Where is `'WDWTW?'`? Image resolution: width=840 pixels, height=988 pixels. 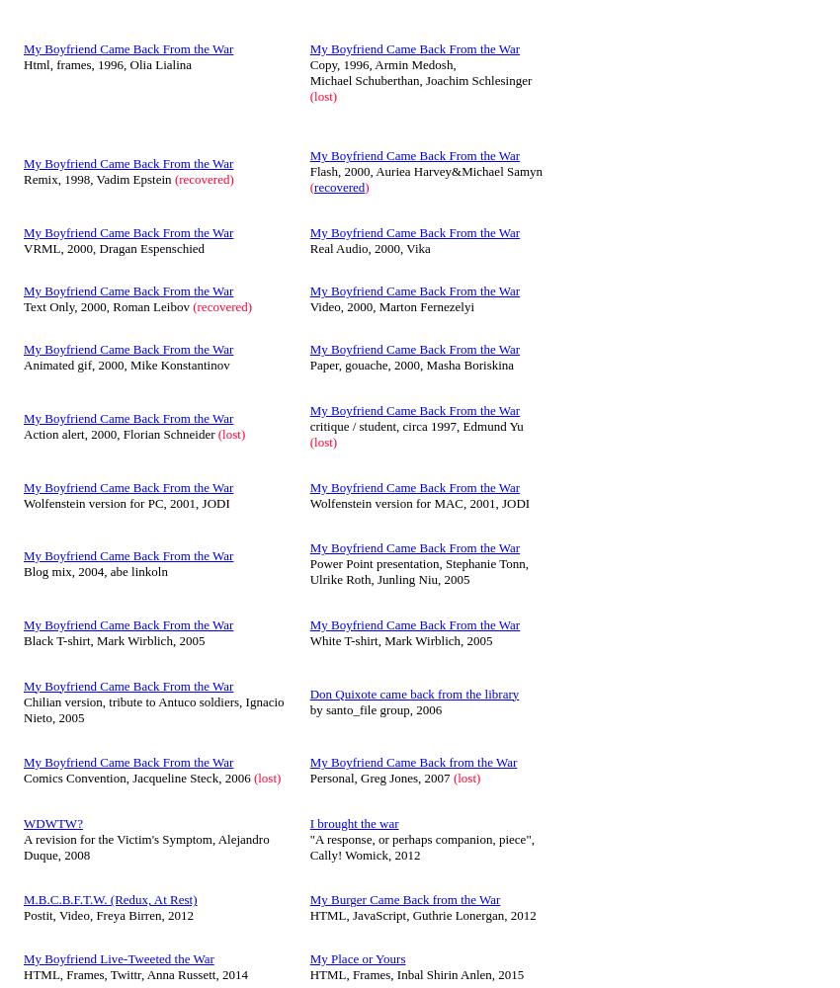 'WDWTW?' is located at coordinates (52, 821).